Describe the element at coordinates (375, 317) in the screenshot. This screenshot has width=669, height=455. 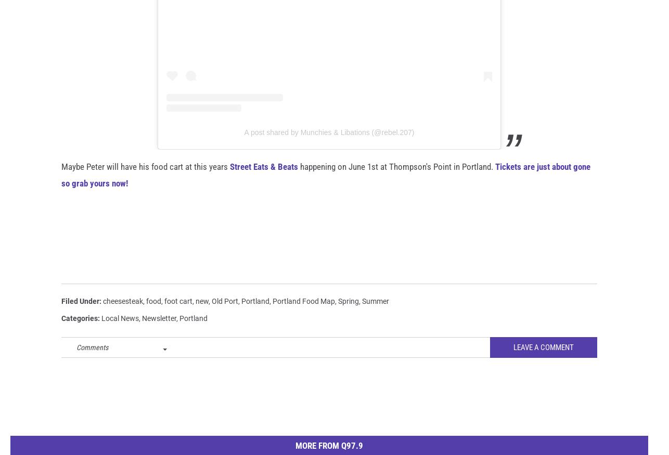
I see `'Summer'` at that location.